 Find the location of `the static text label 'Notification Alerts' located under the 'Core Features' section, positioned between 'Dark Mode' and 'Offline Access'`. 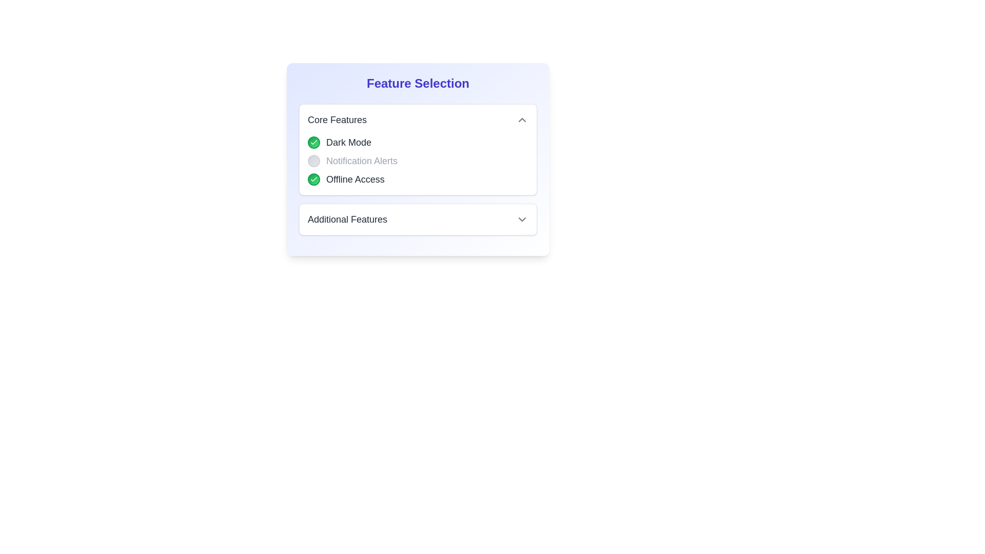

the static text label 'Notification Alerts' located under the 'Core Features' section, positioned between 'Dark Mode' and 'Offline Access' is located at coordinates (362, 161).